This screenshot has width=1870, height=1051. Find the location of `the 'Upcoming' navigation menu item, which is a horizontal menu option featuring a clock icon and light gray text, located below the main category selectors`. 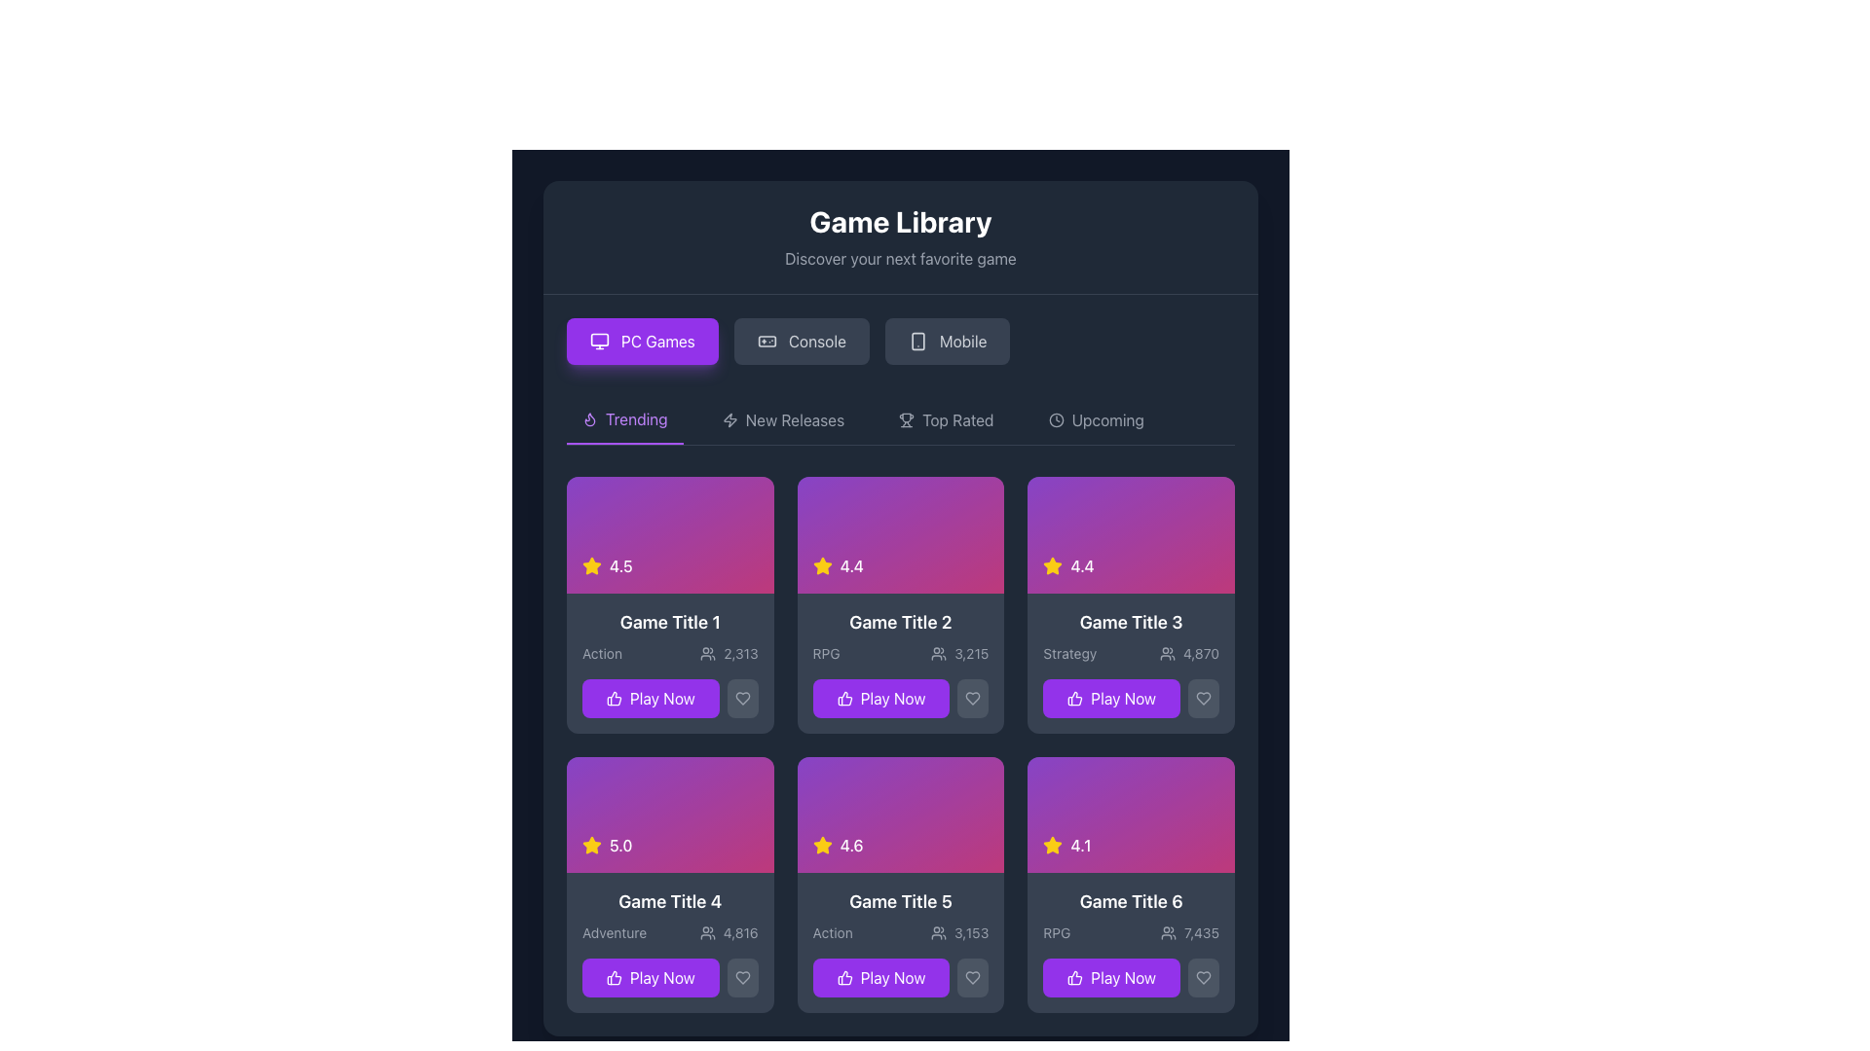

the 'Upcoming' navigation menu item, which is a horizontal menu option featuring a clock icon and light gray text, located below the main category selectors is located at coordinates (1096, 419).